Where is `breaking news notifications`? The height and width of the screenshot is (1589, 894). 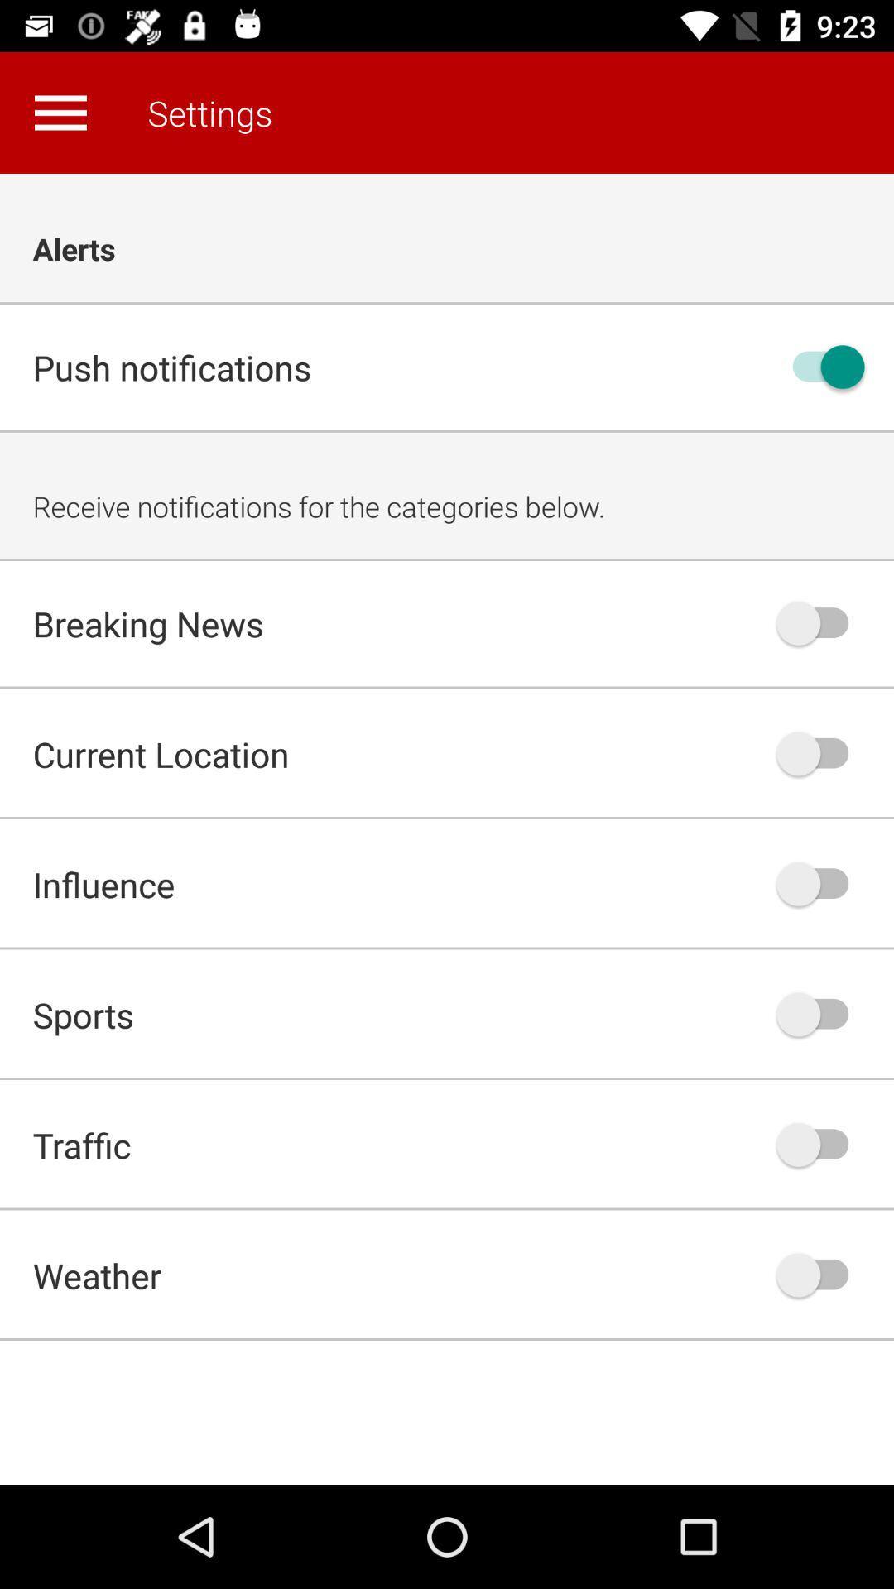 breaking news notifications is located at coordinates (820, 622).